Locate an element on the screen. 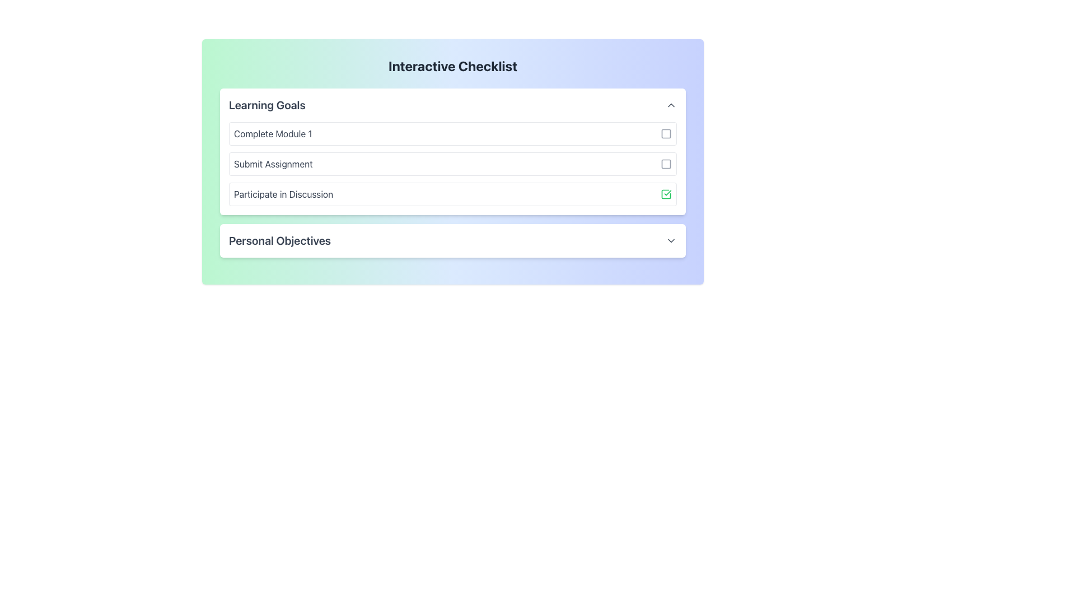 This screenshot has width=1075, height=605. the checkbox for the 'Submit Assignment' task located in the 'Learning Goals' section is located at coordinates (666, 164).